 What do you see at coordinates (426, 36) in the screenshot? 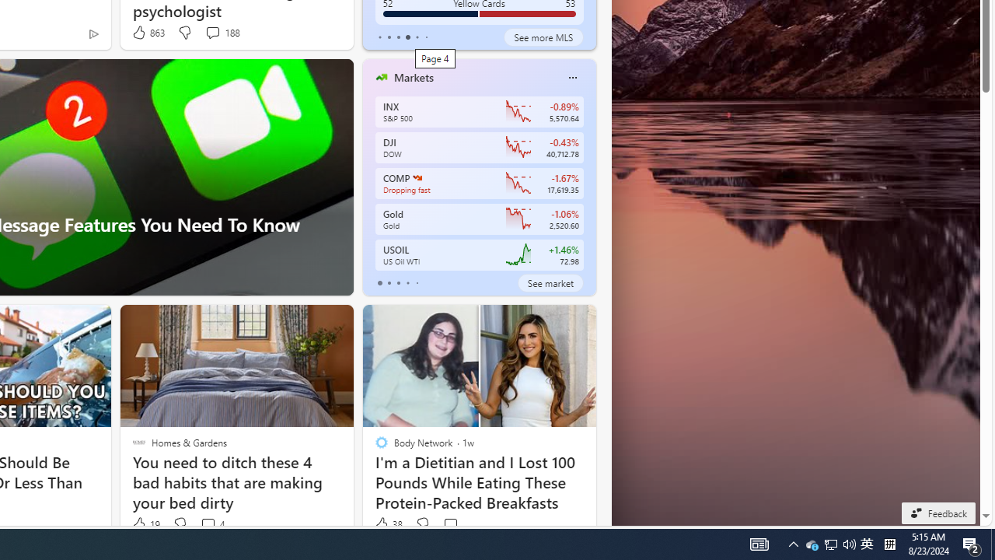
I see `'tab-5'` at bounding box center [426, 36].